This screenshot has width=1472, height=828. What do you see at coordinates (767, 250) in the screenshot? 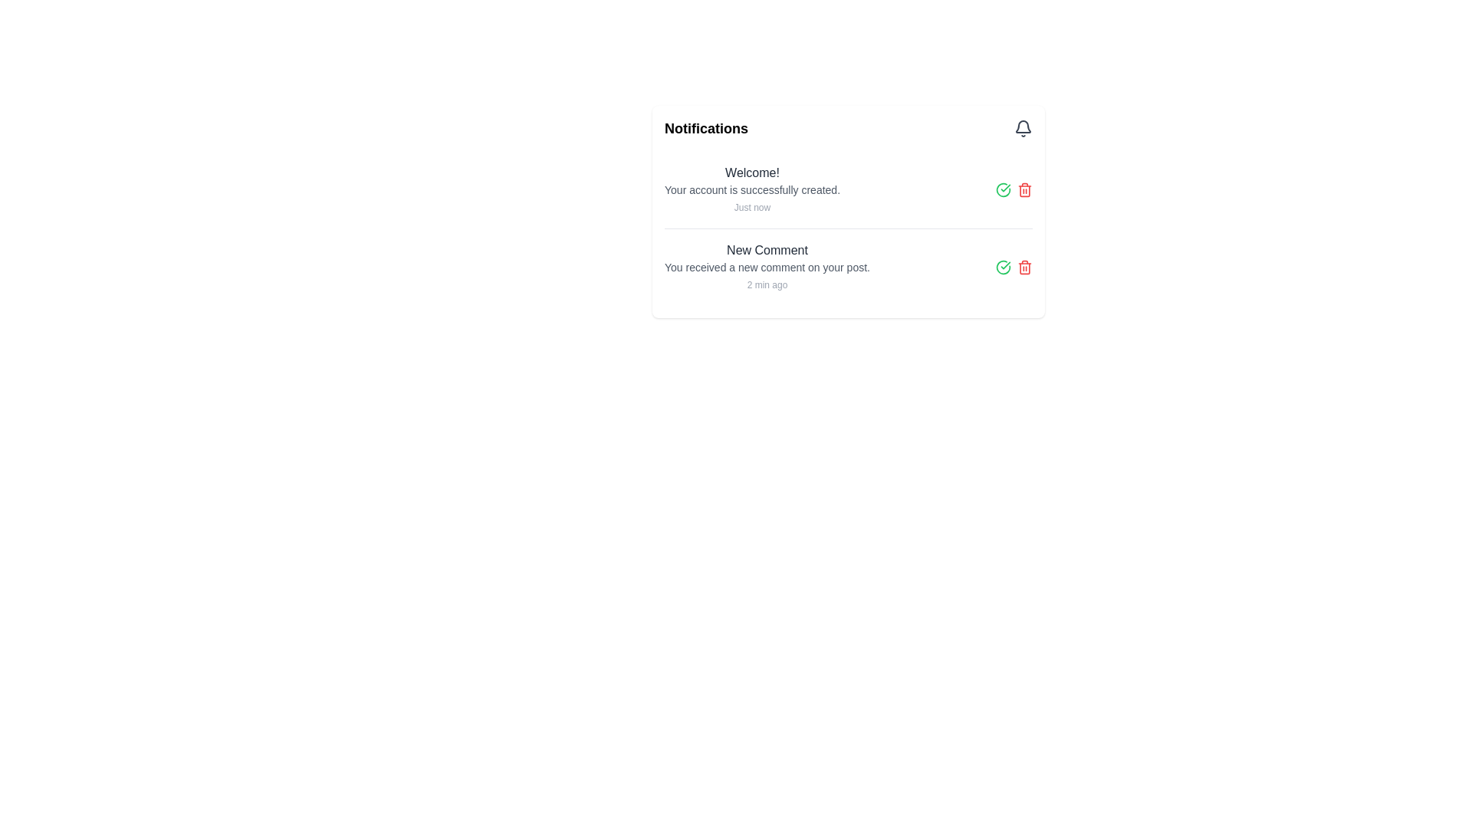
I see `prominent title text 'New Comment' in dark gray color located at the top of the notification entry` at bounding box center [767, 250].